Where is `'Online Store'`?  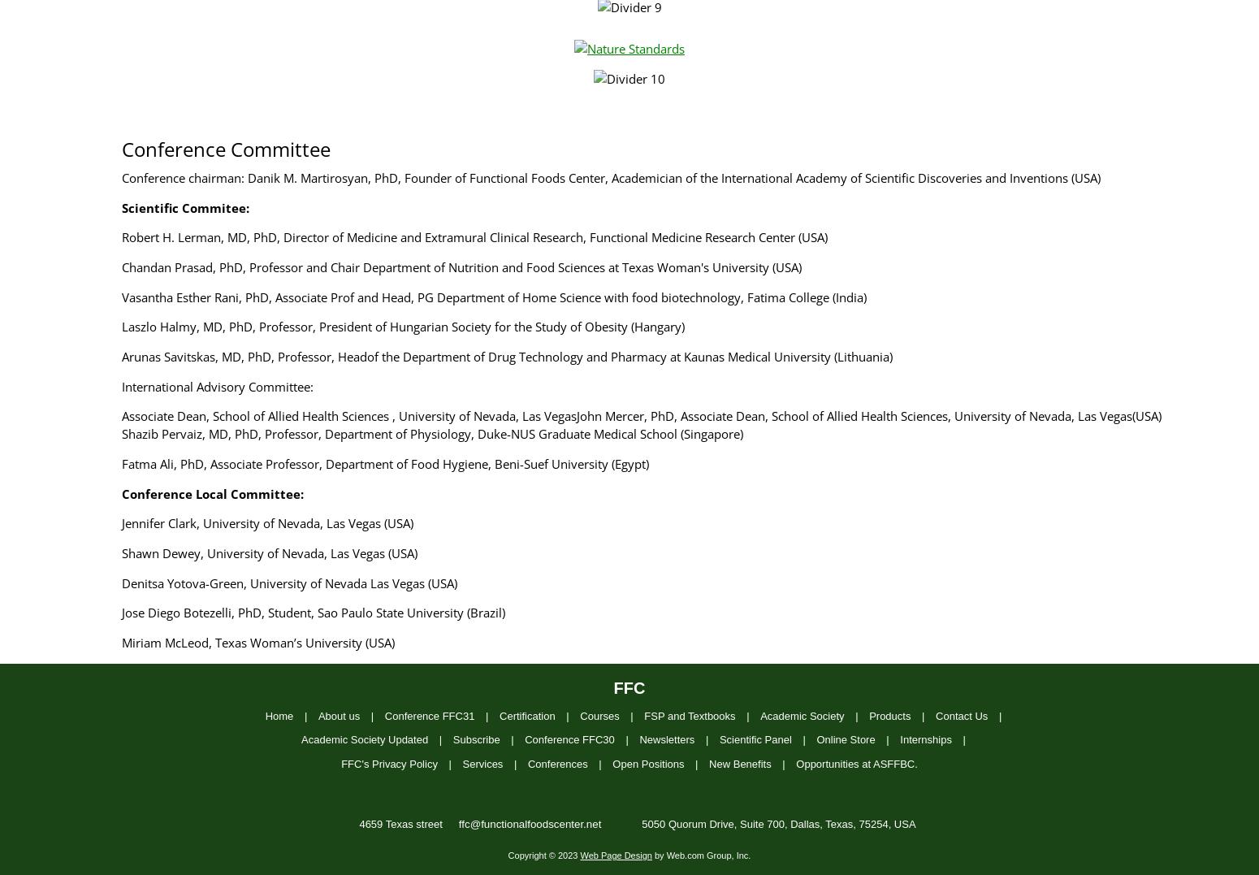
'Online Store' is located at coordinates (845, 739).